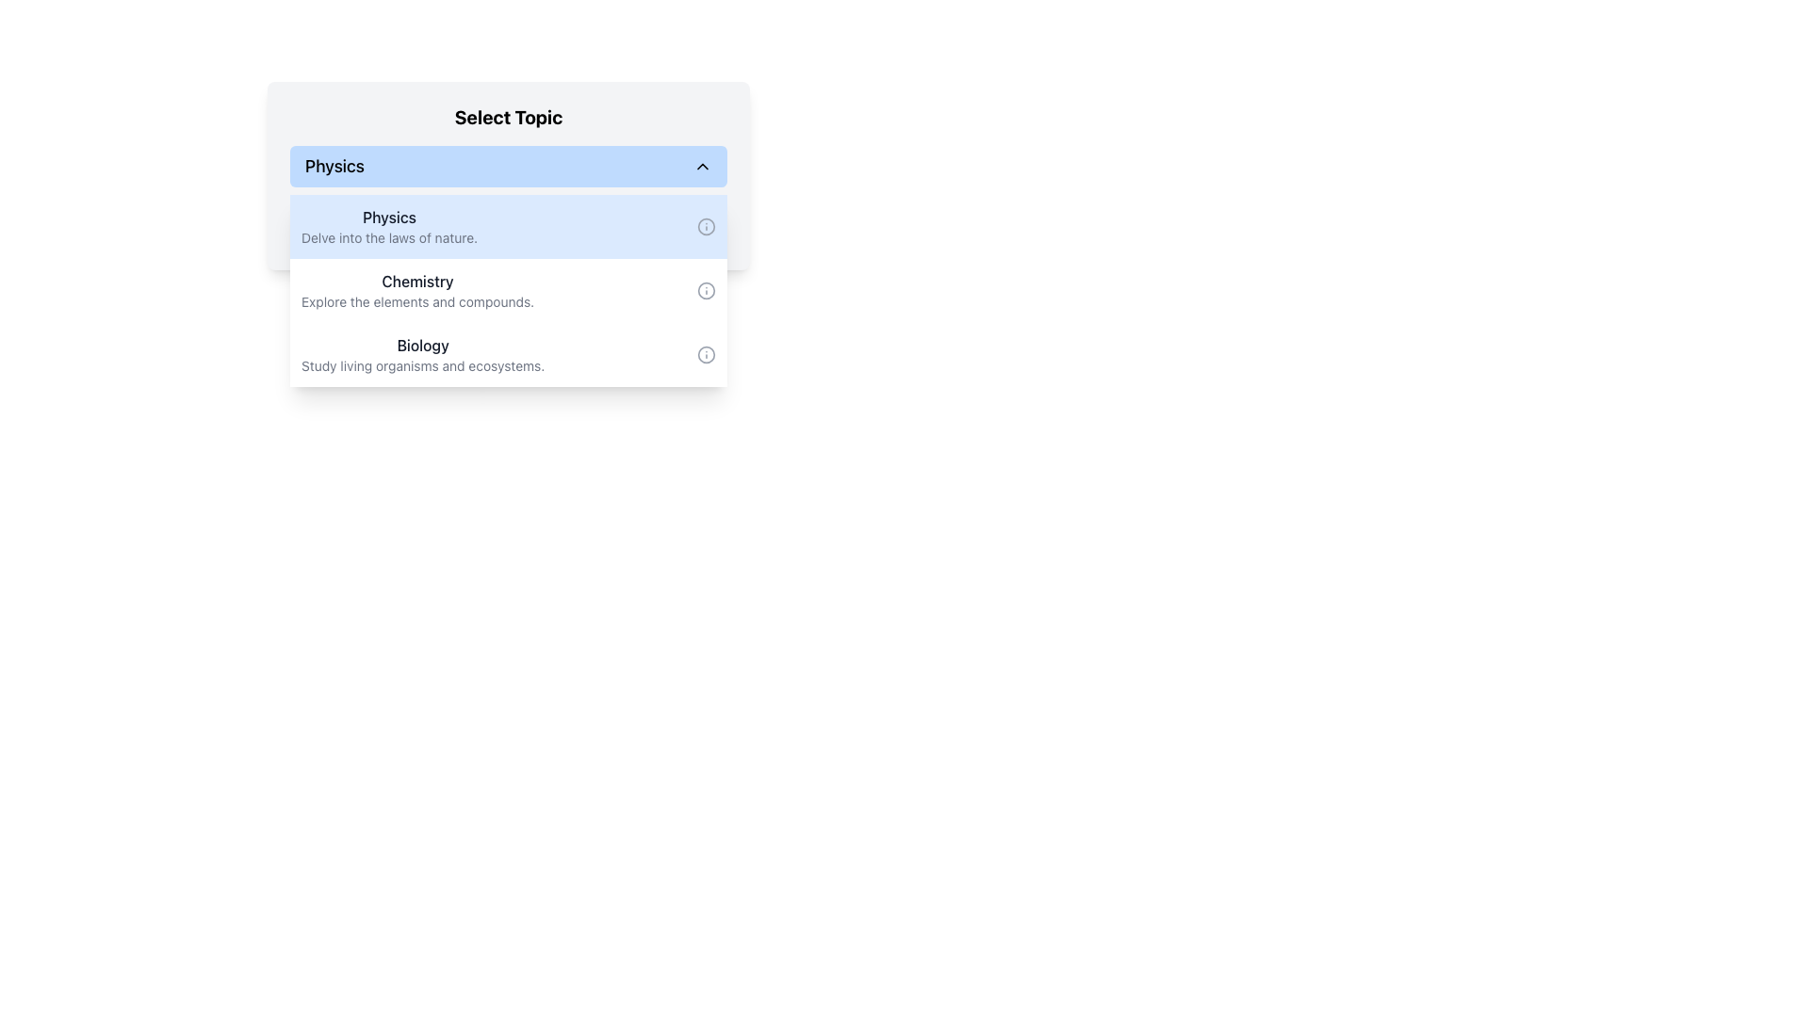 The height and width of the screenshot is (1017, 1809). I want to click on the circular SVG element that represents additional information, located to the right of the 'Physics' list item in the dropdown component, so click(705, 225).